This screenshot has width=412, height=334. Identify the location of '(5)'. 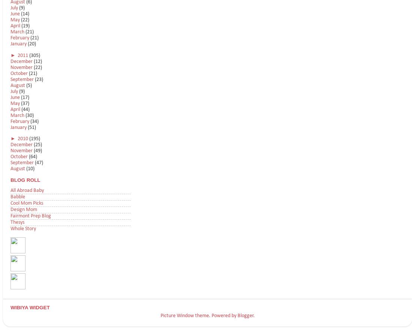
(29, 85).